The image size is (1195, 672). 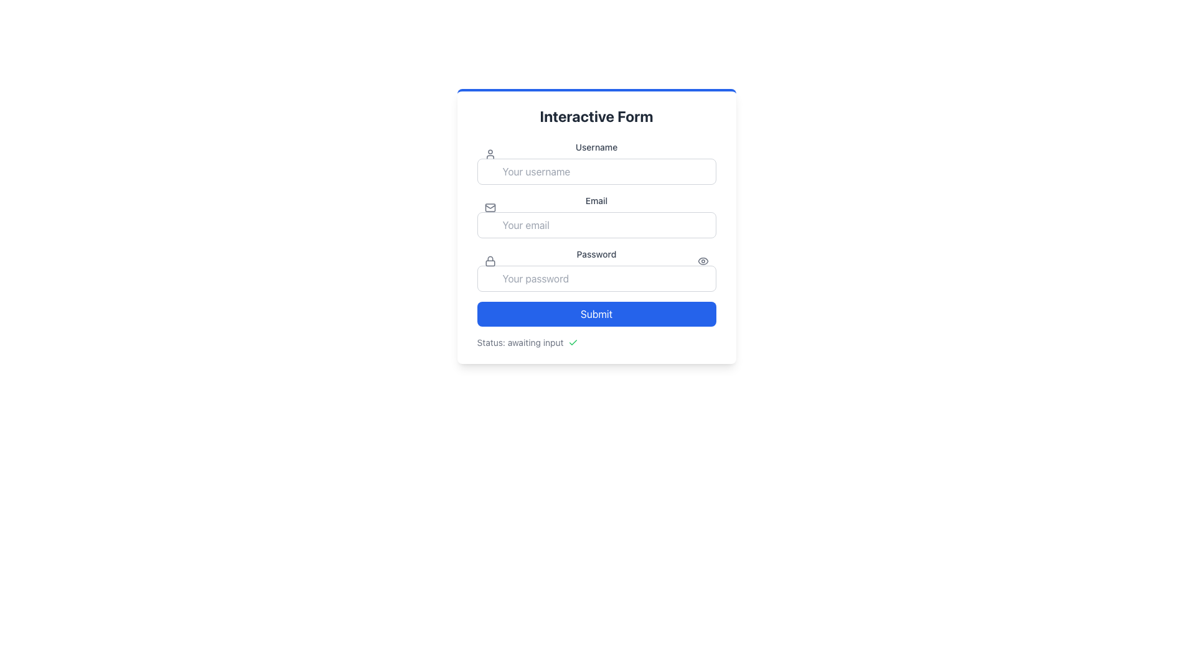 I want to click on the green checkmark icon indicating success, located to the right of the text 'Status: awaiting input' at the bottom of the interface, so click(x=573, y=343).